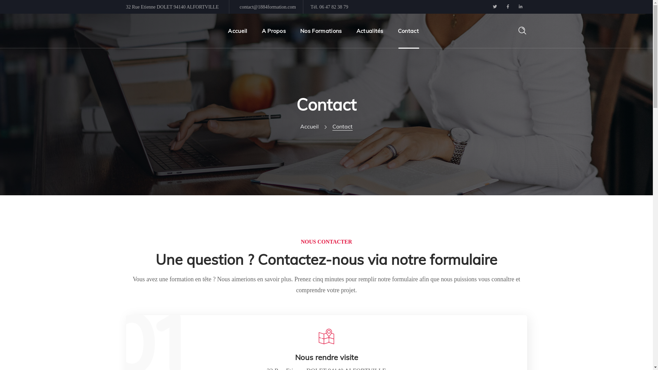 The width and height of the screenshot is (658, 370). What do you see at coordinates (498, 73) in the screenshot?
I see `'Rechercher'` at bounding box center [498, 73].